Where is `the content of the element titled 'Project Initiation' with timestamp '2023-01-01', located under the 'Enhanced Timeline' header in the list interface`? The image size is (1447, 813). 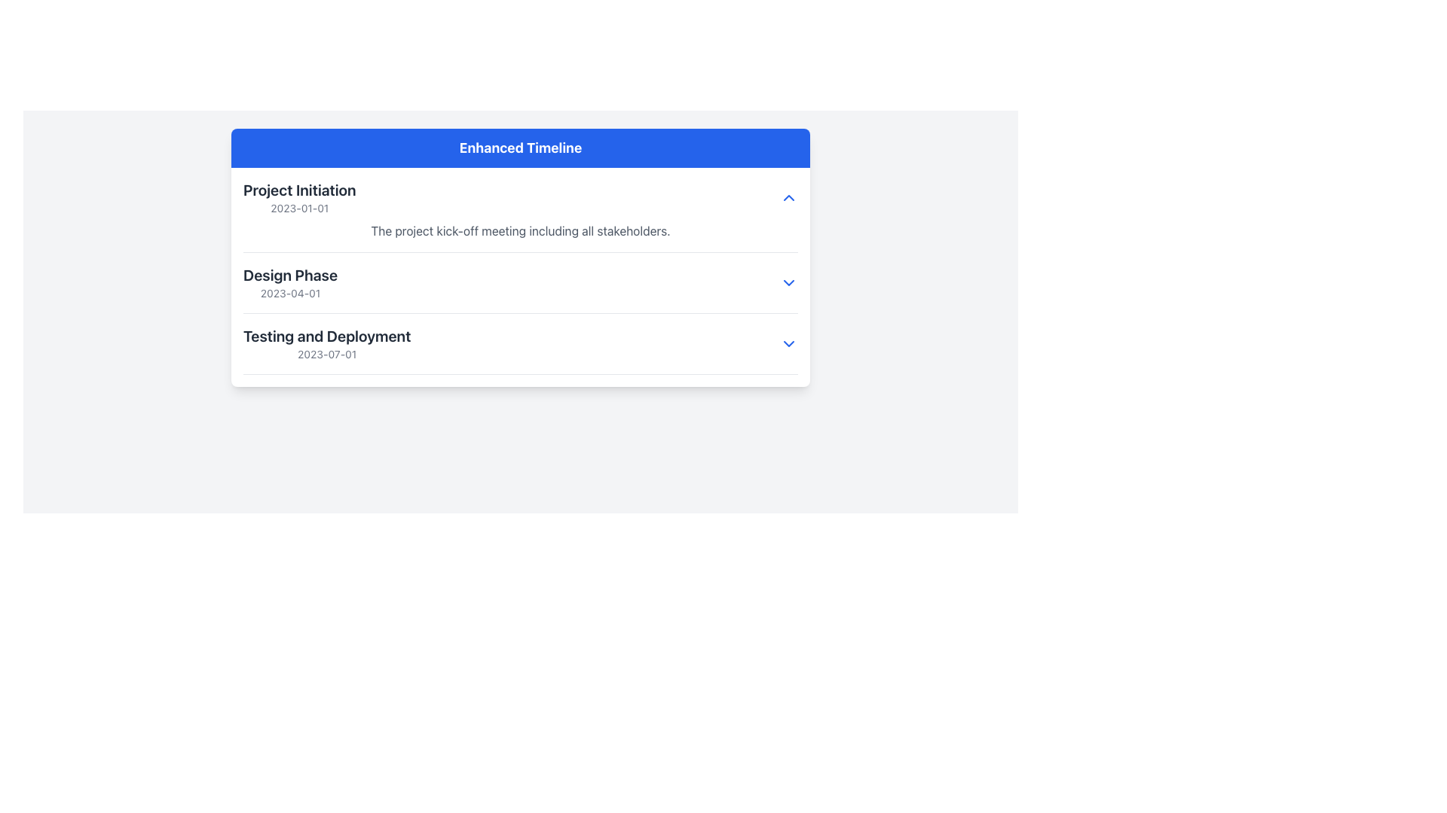 the content of the element titled 'Project Initiation' with timestamp '2023-01-01', located under the 'Enhanced Timeline' header in the list interface is located at coordinates (299, 196).